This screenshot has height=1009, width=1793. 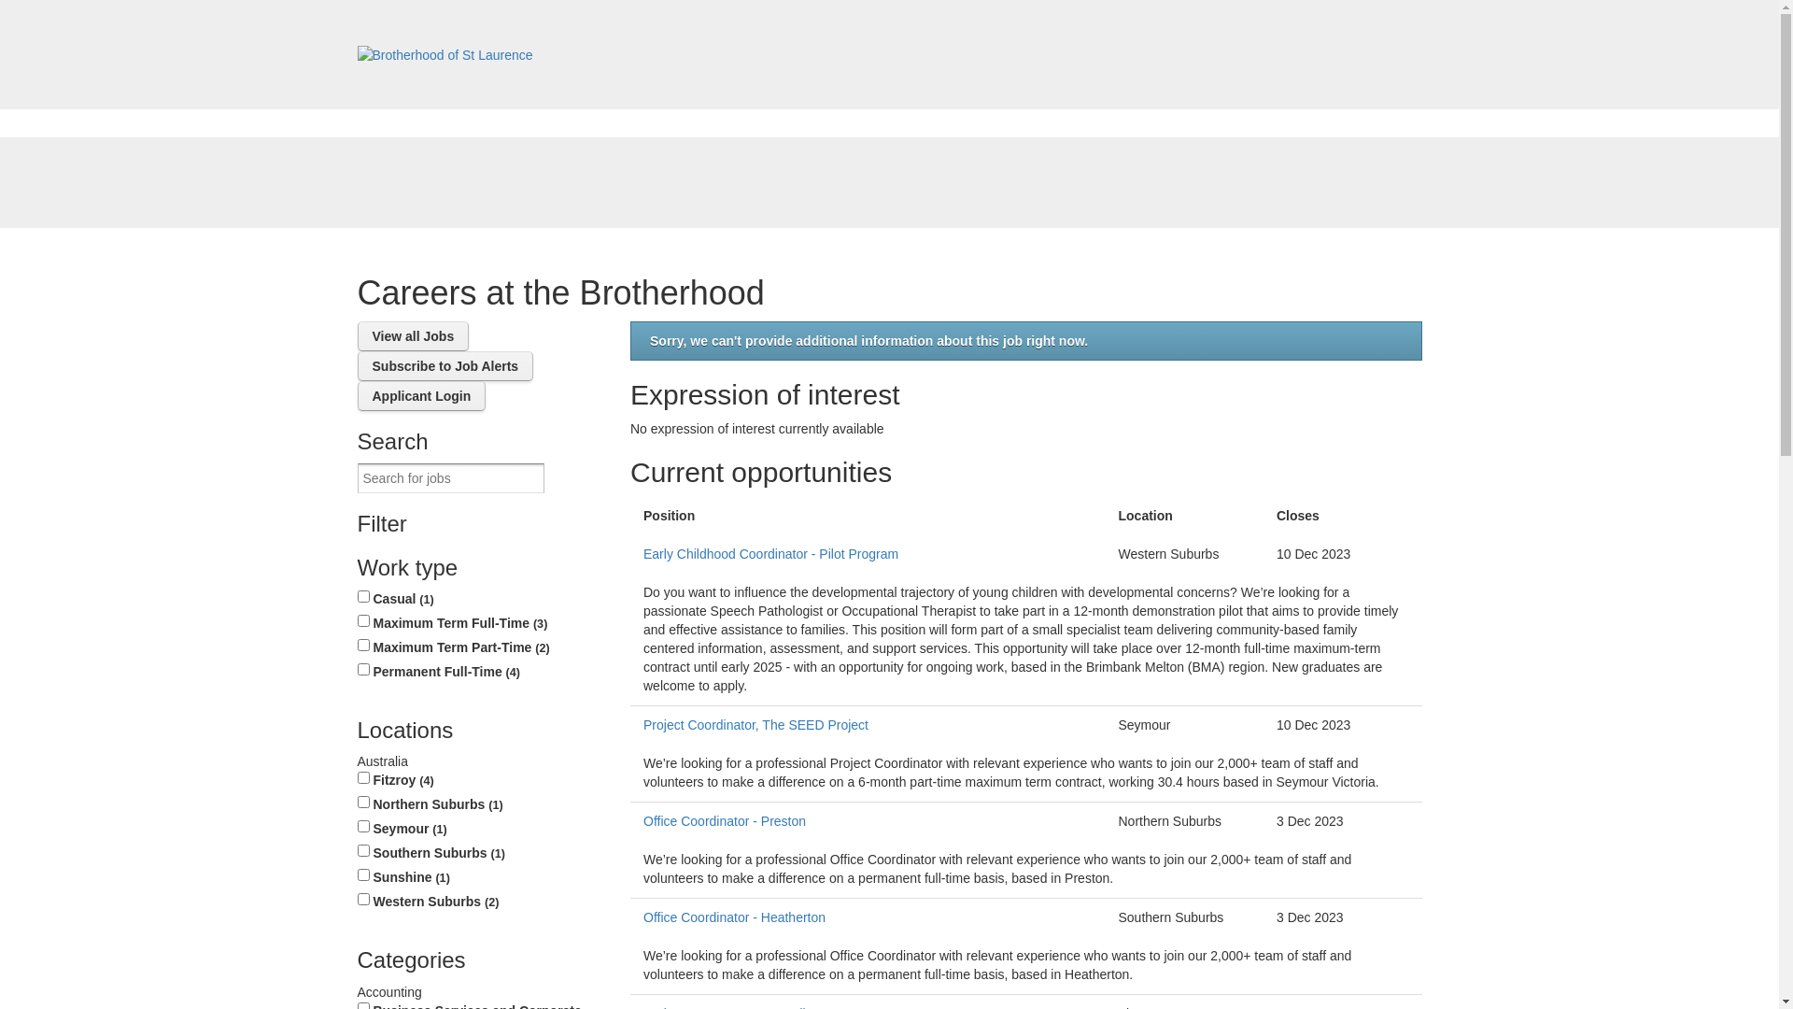 I want to click on 'Applicant Login', so click(x=357, y=395).